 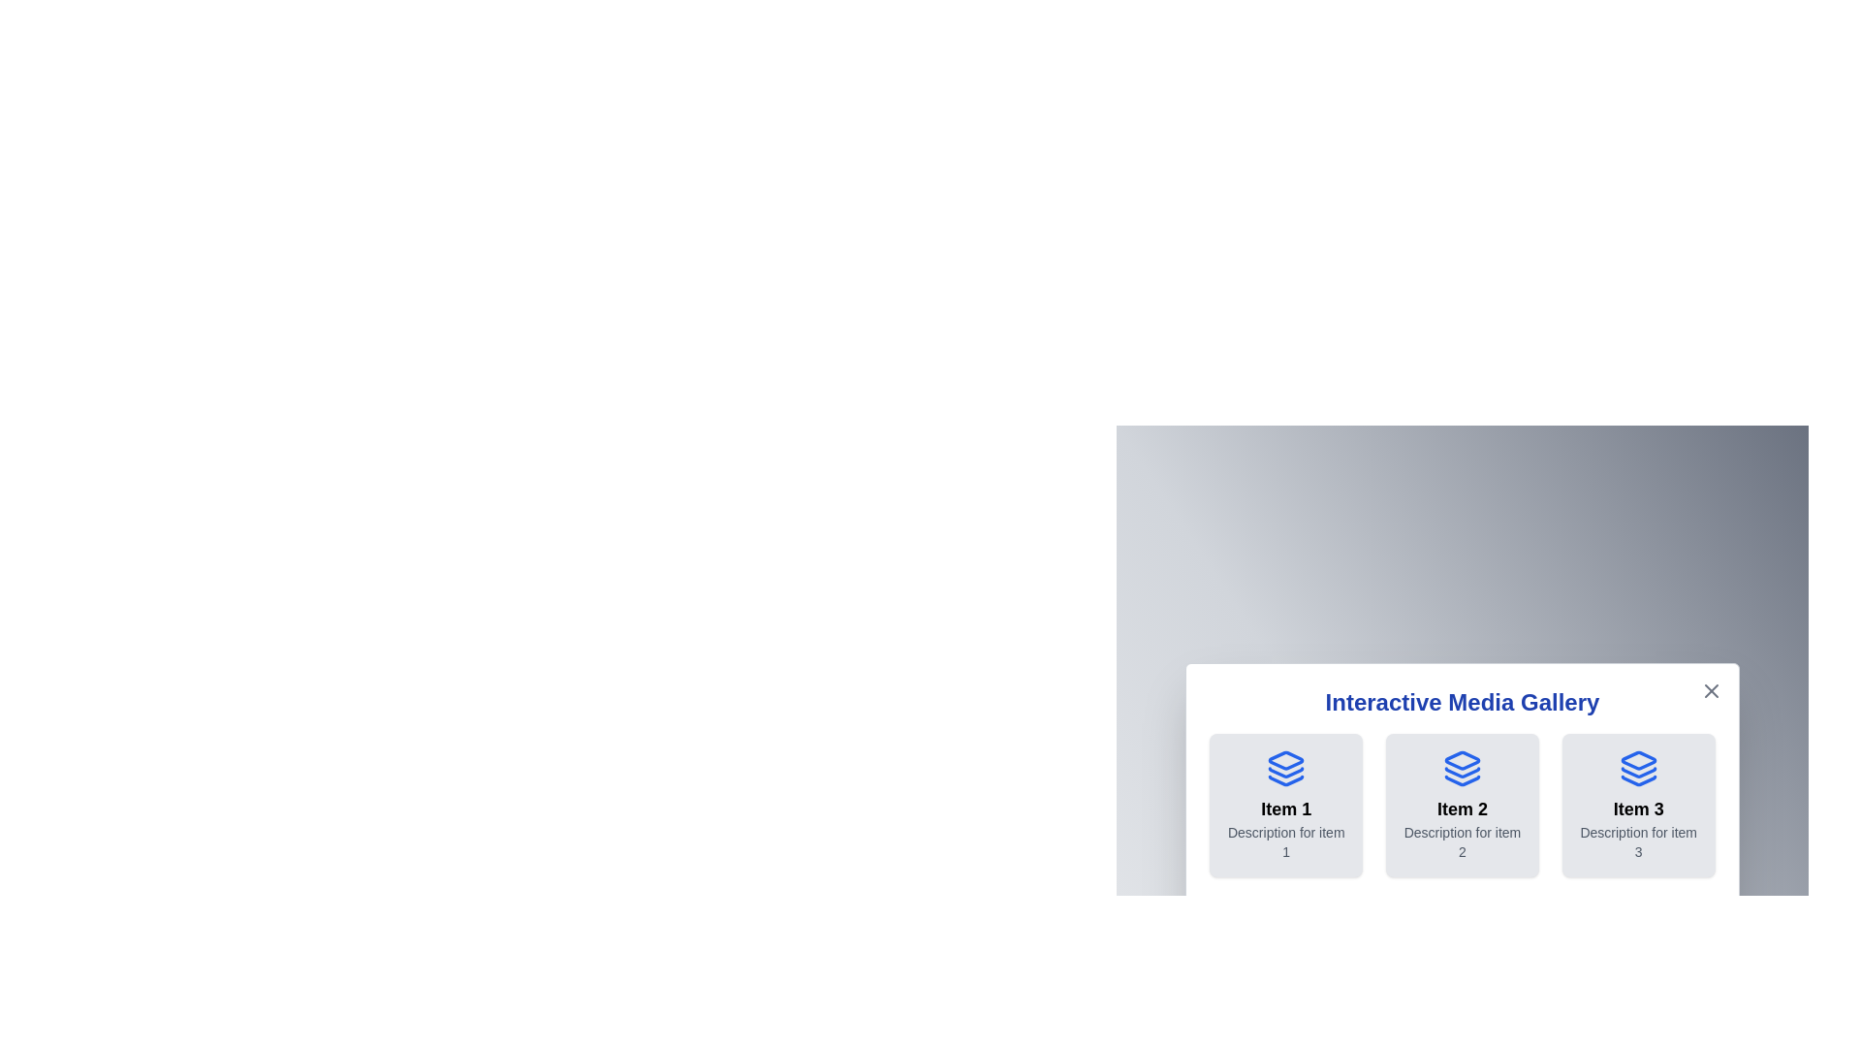 I want to click on the description of the selected item 1, so click(x=1285, y=841).